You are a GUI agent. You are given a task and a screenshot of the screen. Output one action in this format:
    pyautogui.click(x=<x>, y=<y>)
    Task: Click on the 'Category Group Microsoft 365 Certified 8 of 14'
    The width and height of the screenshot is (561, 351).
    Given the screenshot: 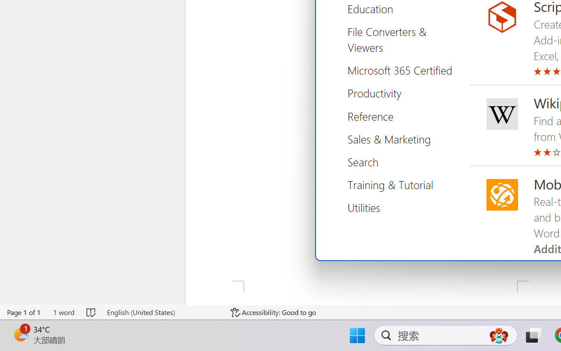 What is the action you would take?
    pyautogui.click(x=403, y=70)
    